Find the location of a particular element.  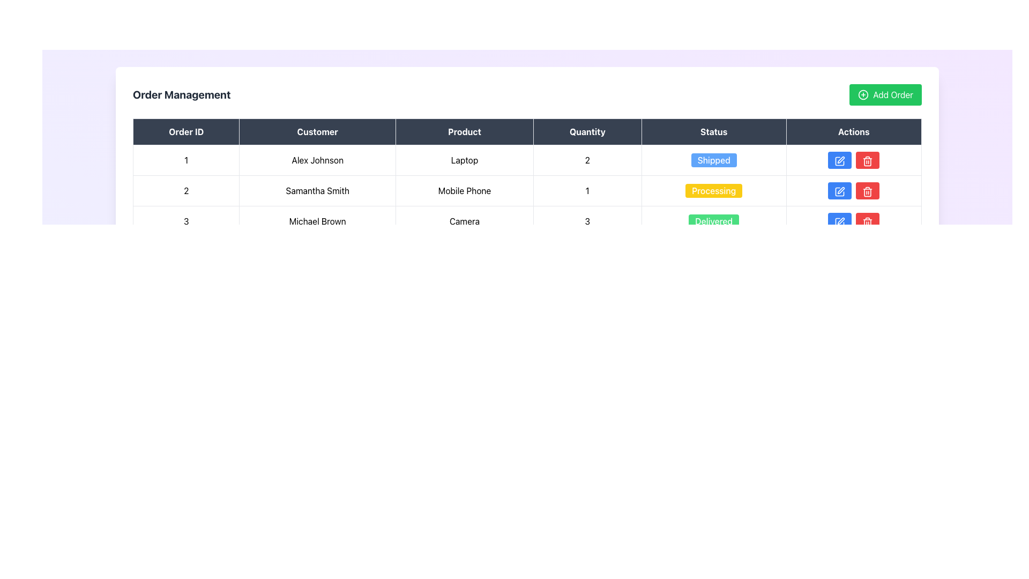

the 'Processing' status indicator button with a yellow background and white bold text in the 'Status' column of the second row corresponding to 'Samantha Smith' is located at coordinates (714, 190).